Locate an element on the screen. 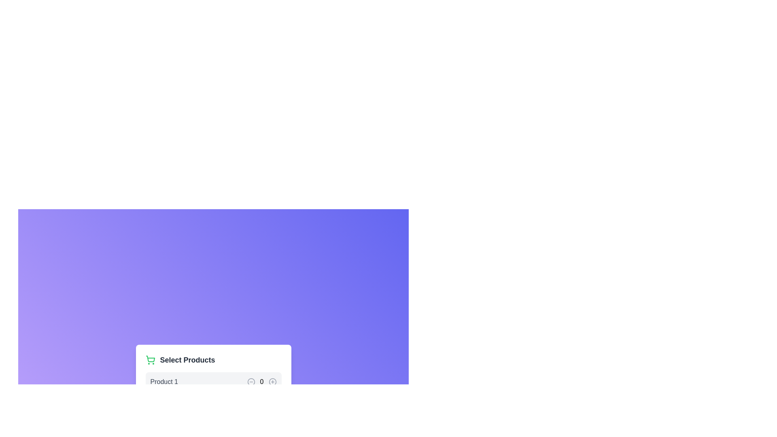 This screenshot has width=777, height=437. the increment button located to the far right of the decrement button and next to the numeric value '0' to increase the value is located at coordinates (272, 382).